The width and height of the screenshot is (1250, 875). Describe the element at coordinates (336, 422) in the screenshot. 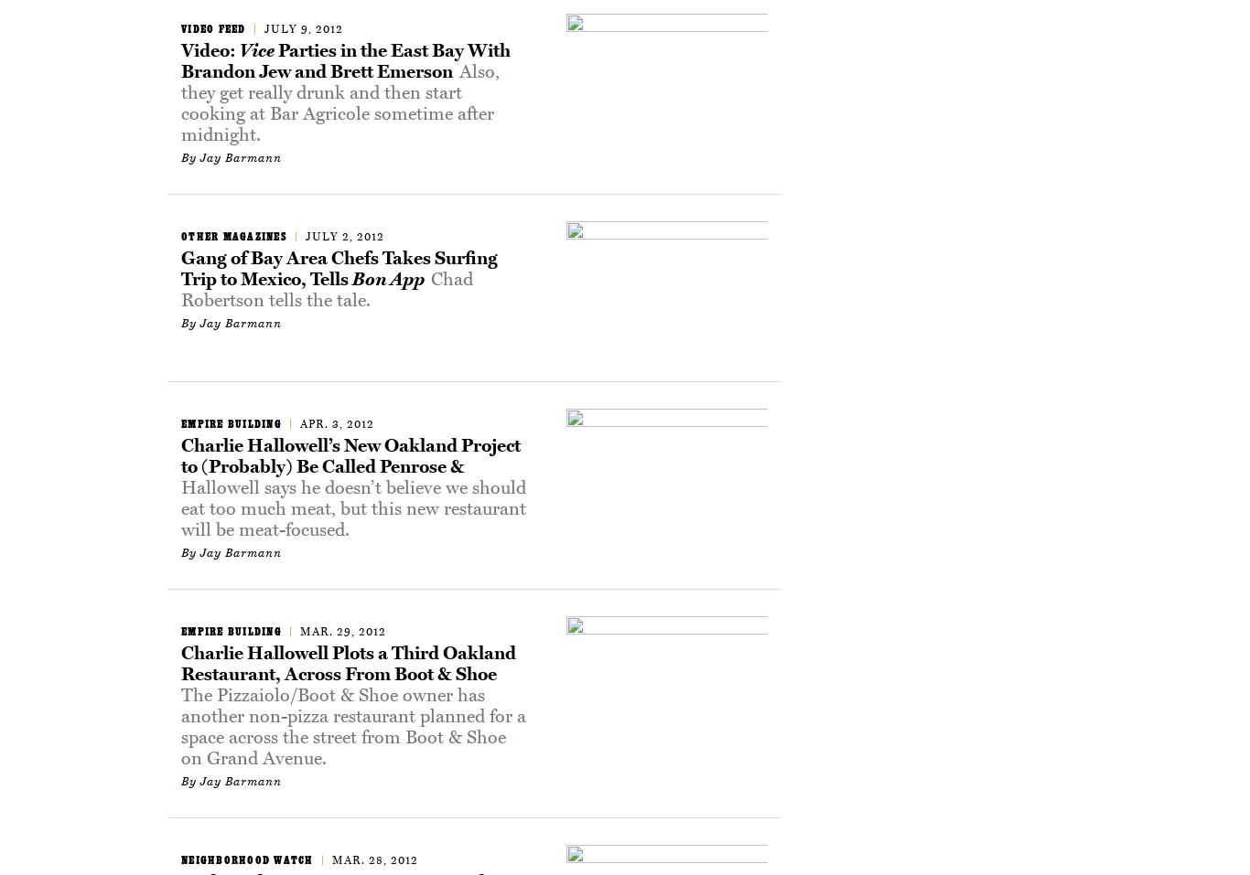

I see `'Apr. 3, 2012'` at that location.